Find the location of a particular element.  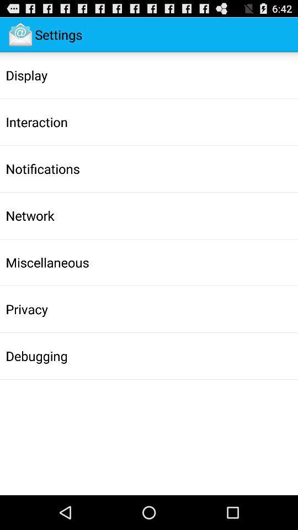

the icon above the network item is located at coordinates (42, 168).